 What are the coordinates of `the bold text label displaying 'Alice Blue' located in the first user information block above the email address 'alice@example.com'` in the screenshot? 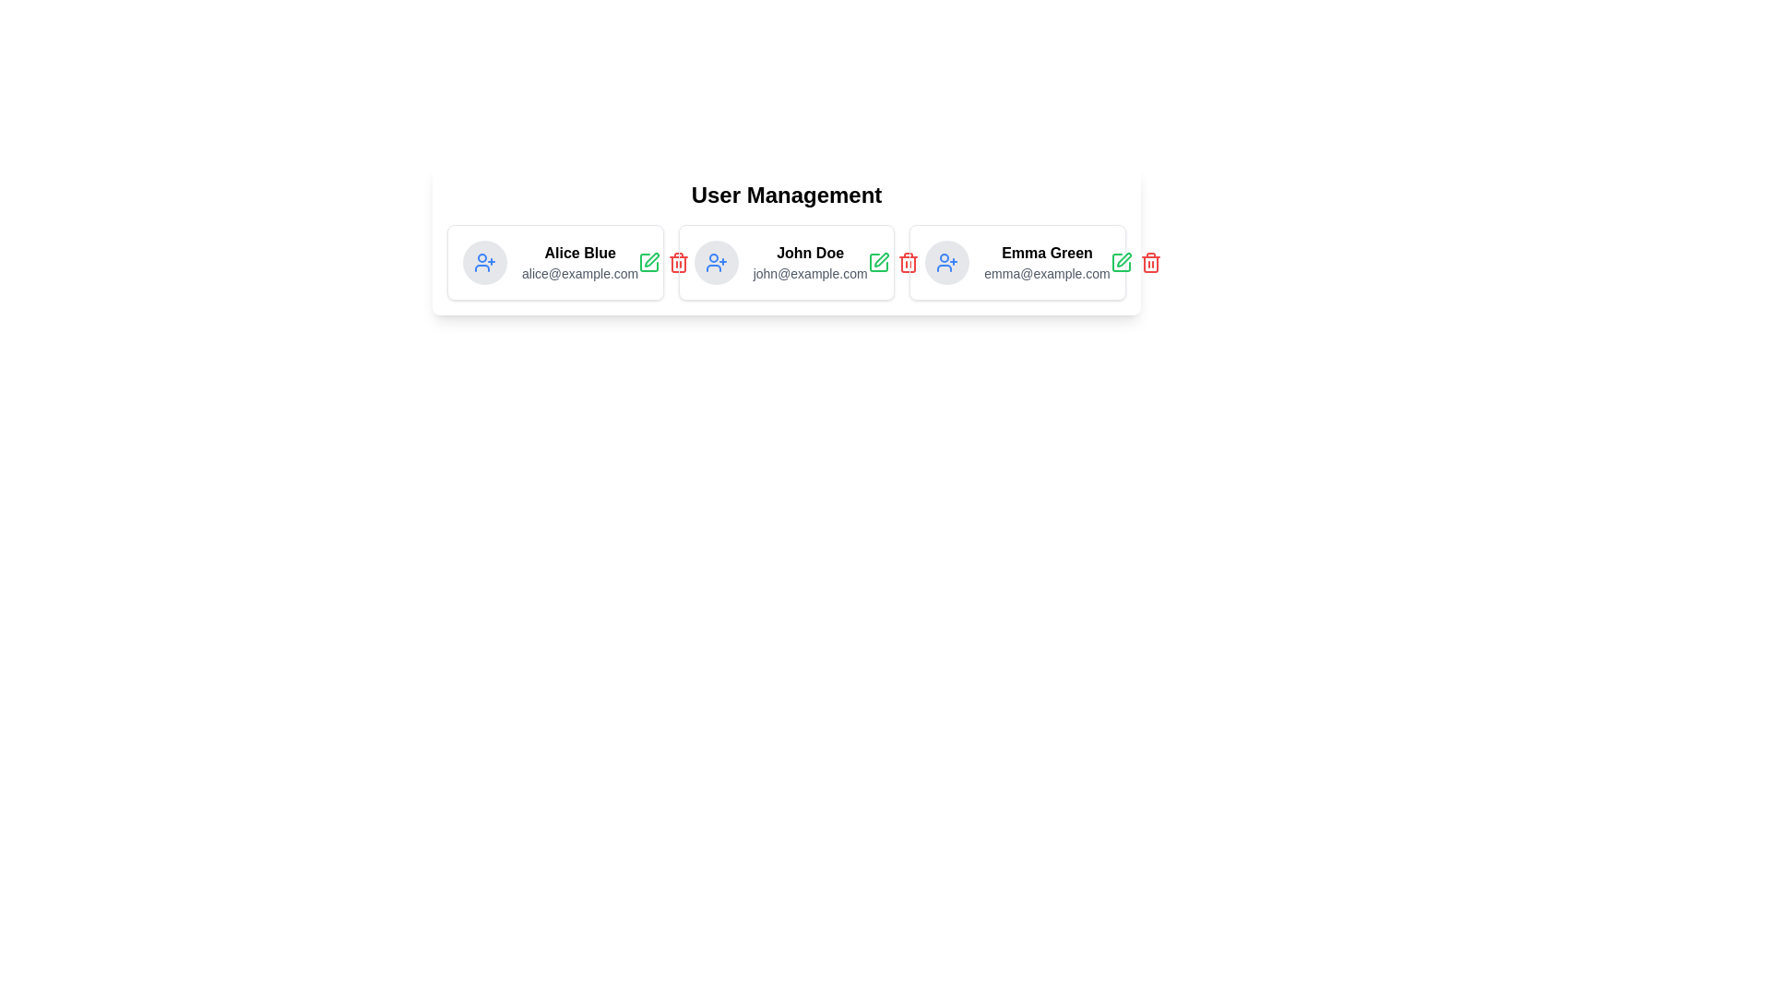 It's located at (579, 253).